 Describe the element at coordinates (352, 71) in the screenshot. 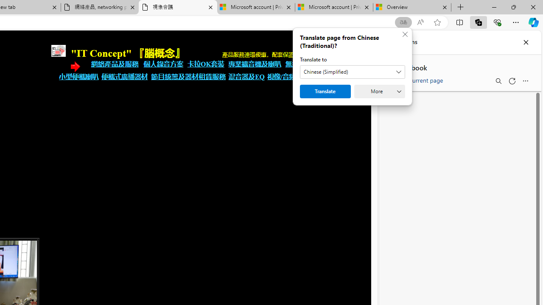

I see `'Translate to'` at that location.